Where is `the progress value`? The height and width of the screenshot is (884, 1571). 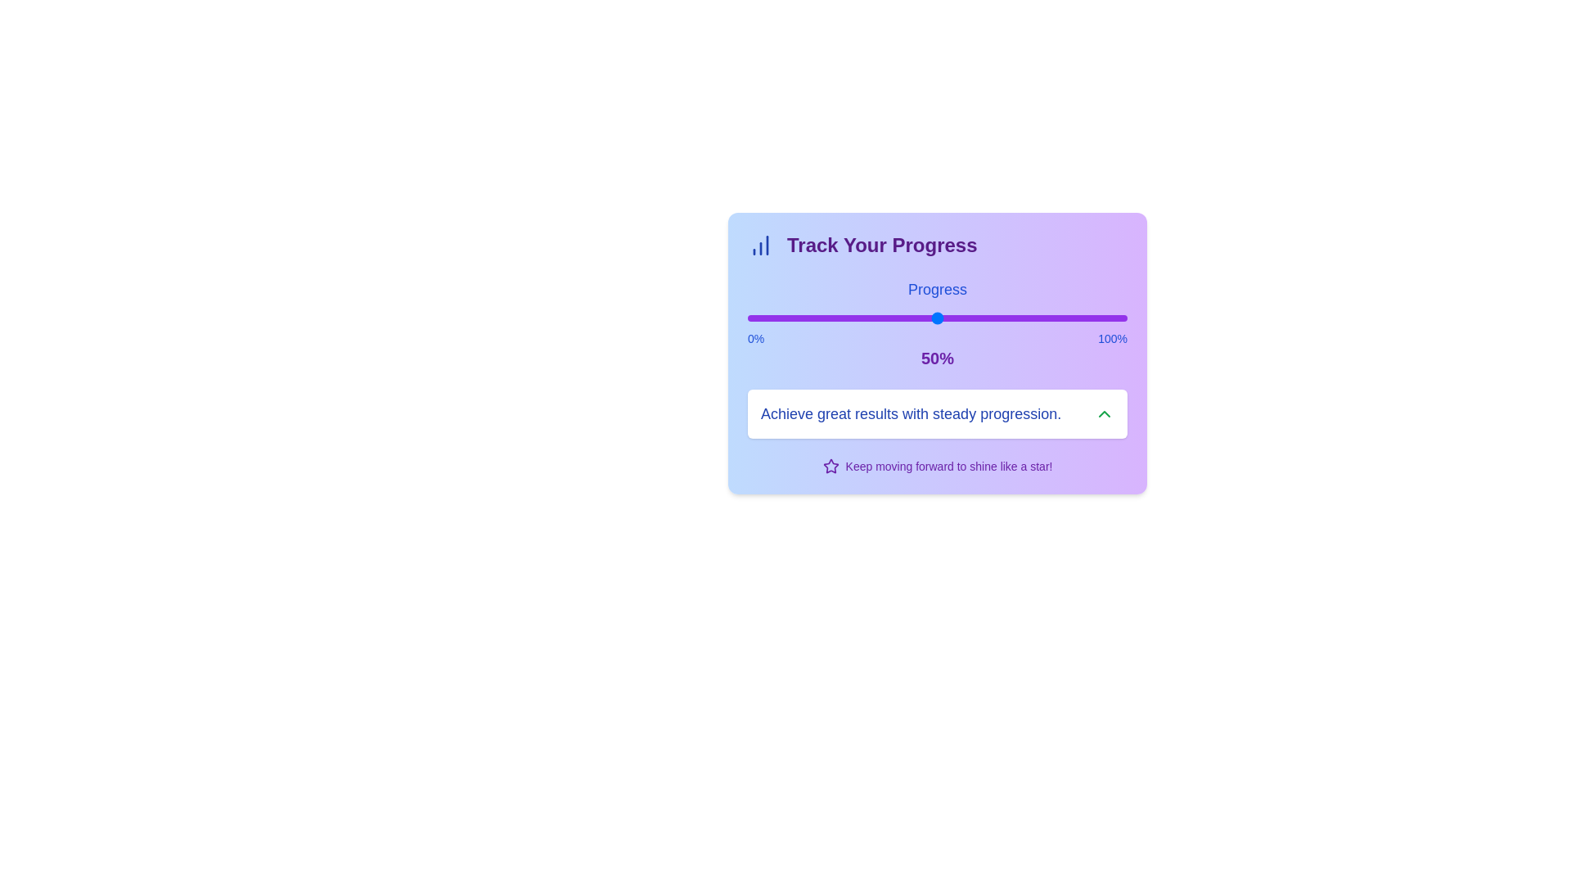
the progress value is located at coordinates (1112, 318).